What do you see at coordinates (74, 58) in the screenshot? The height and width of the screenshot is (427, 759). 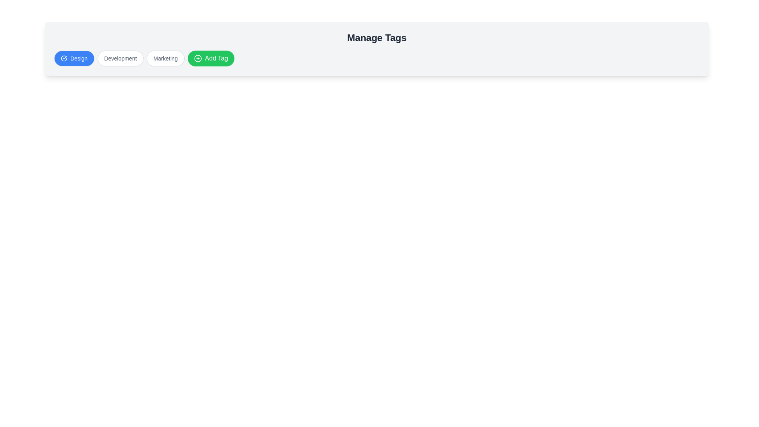 I see `the tag named Design` at bounding box center [74, 58].